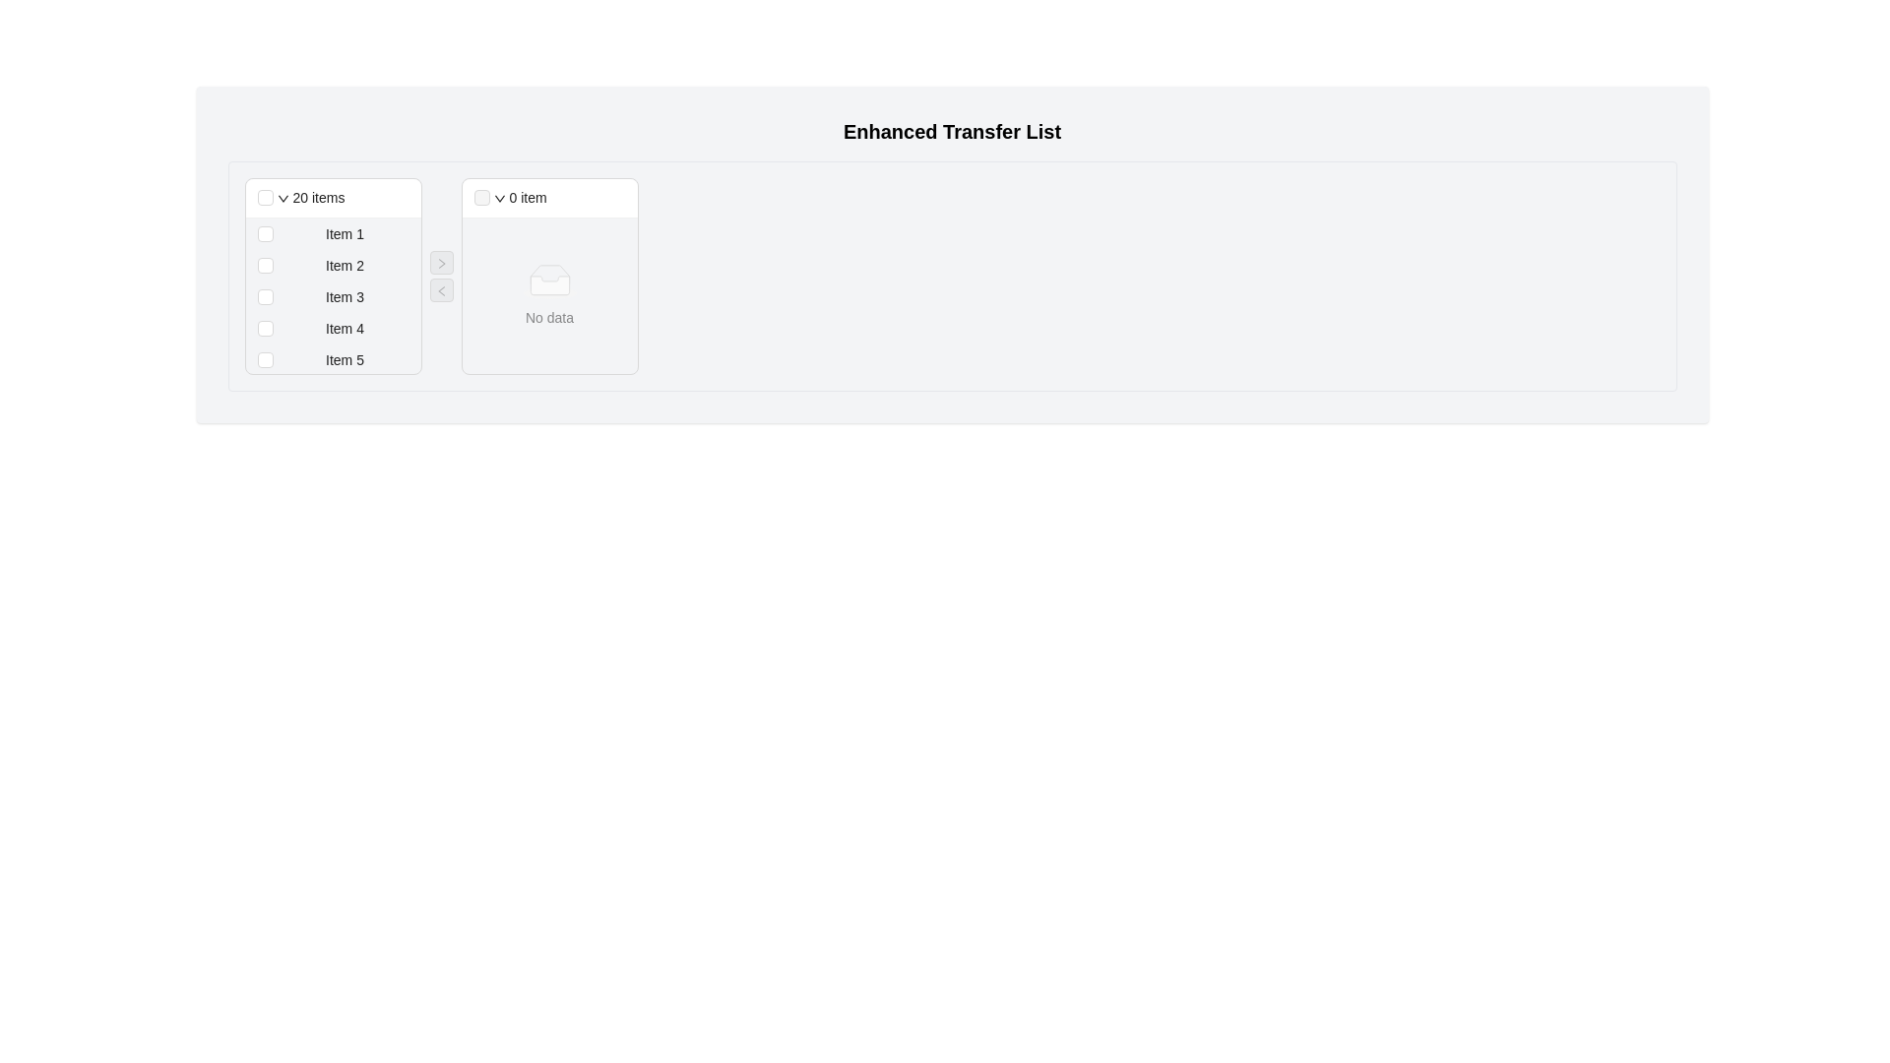 This screenshot has width=1890, height=1063. What do you see at coordinates (440, 277) in the screenshot?
I see `the left arrow button in the Button Group to transfer an item from the right list back to the left list` at bounding box center [440, 277].